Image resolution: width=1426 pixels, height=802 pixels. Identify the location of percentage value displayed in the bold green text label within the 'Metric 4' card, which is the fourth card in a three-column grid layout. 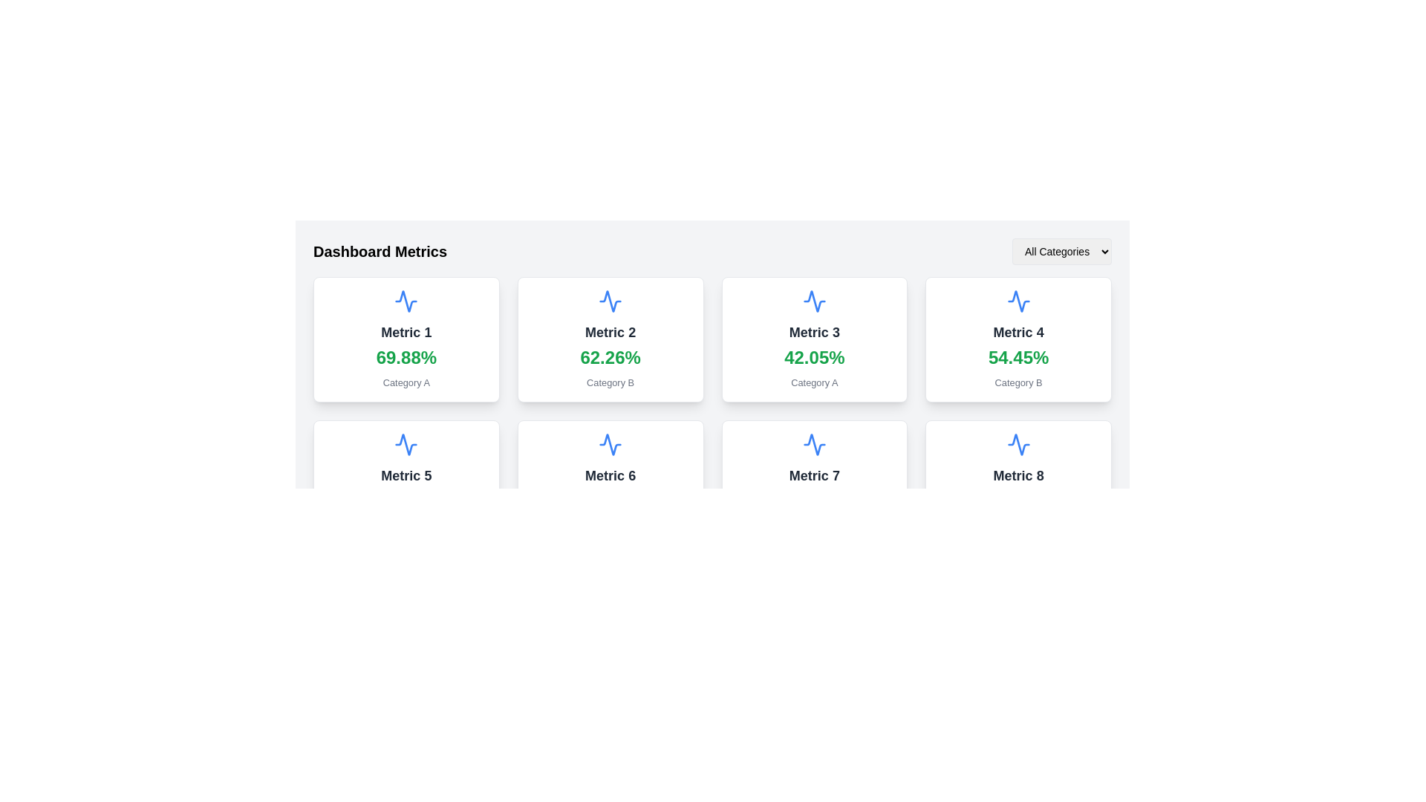
(1018, 358).